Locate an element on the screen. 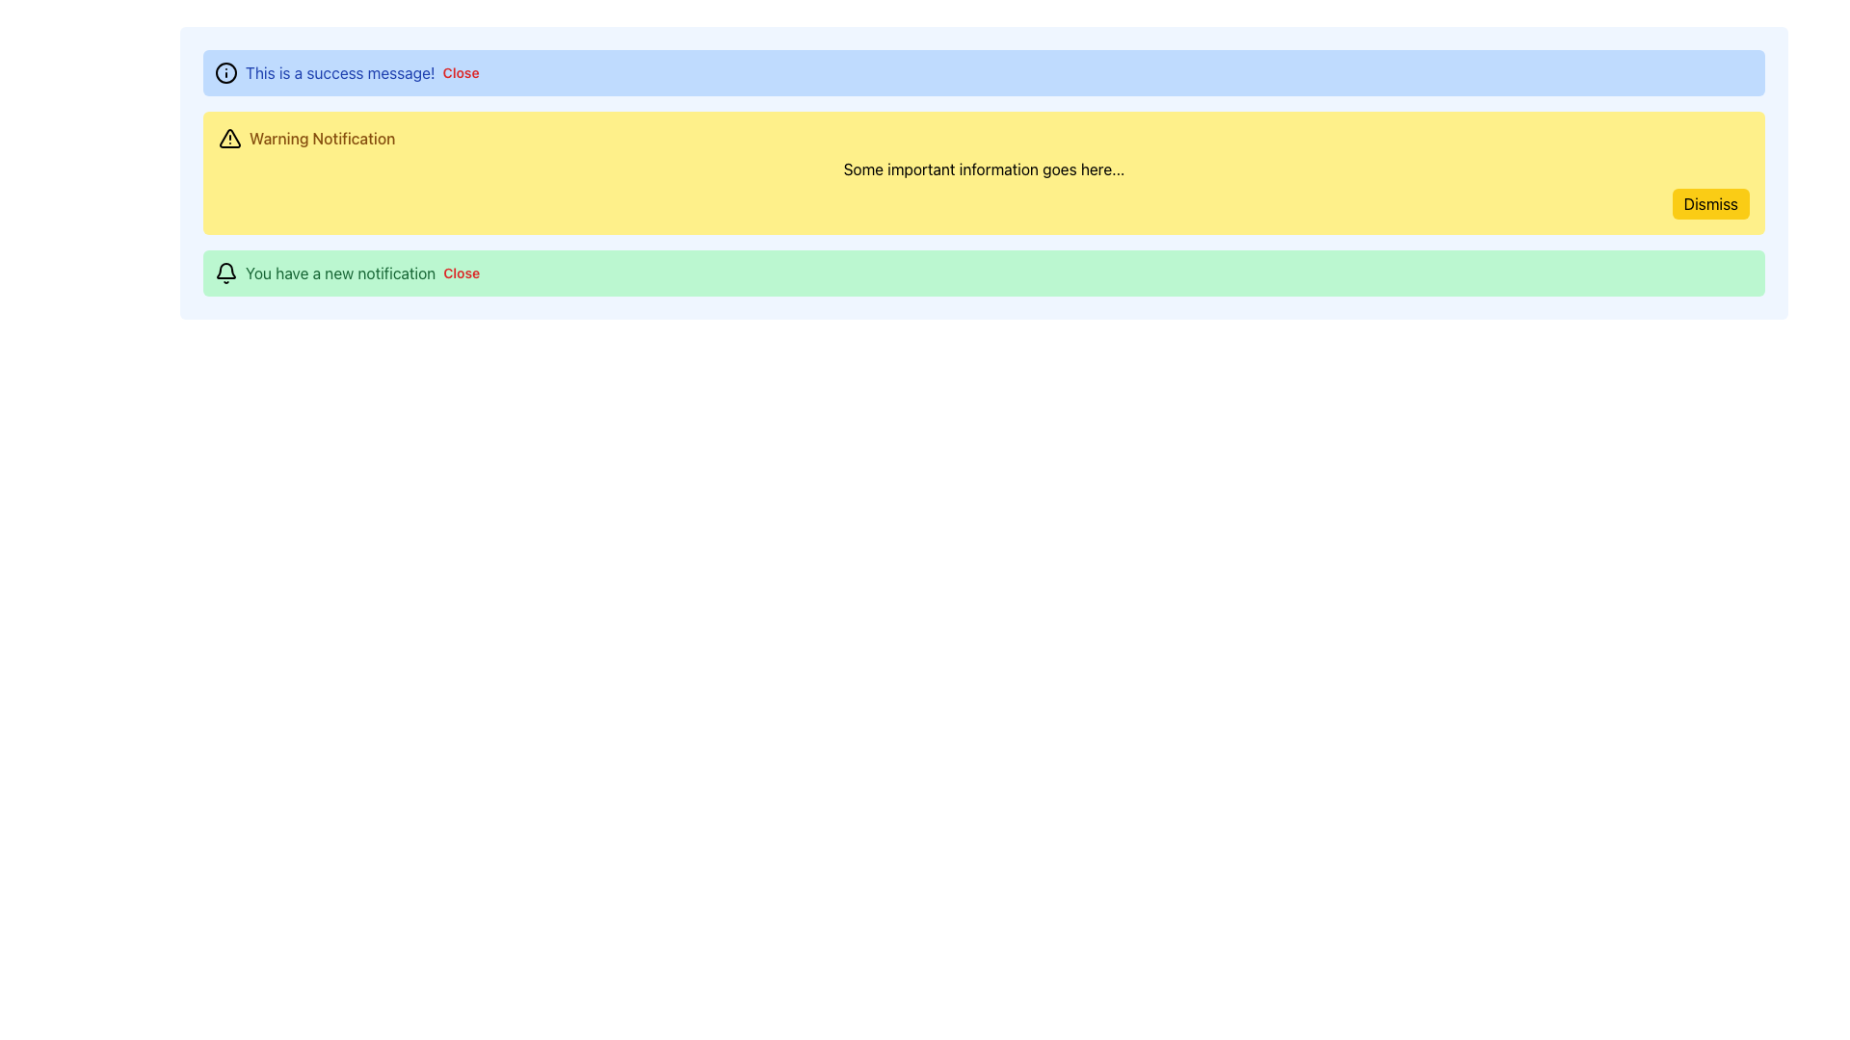 The image size is (1850, 1040). the 'Close' button, which is a small, bold, bright red text button located at the far right of the notification message box with a light green background is located at coordinates (461, 273).